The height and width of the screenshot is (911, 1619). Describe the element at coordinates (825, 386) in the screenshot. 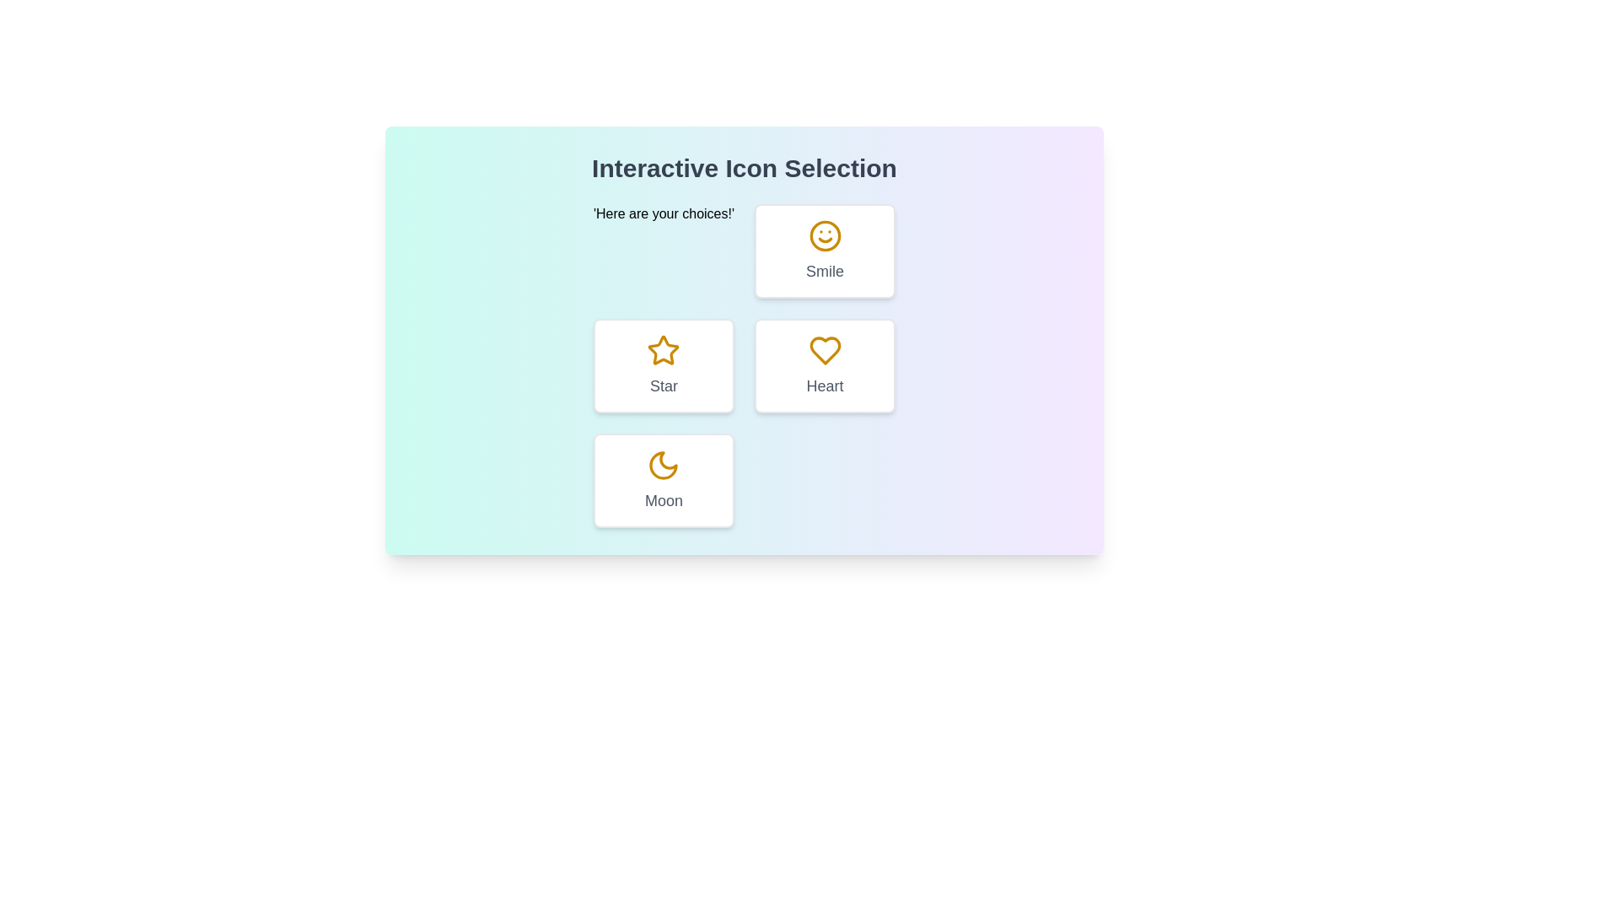

I see `the text label that provides a description corresponding to the heart icon above, located within a bordered and rounded rectangular card in the second column of the second row of the main layout grid` at that location.